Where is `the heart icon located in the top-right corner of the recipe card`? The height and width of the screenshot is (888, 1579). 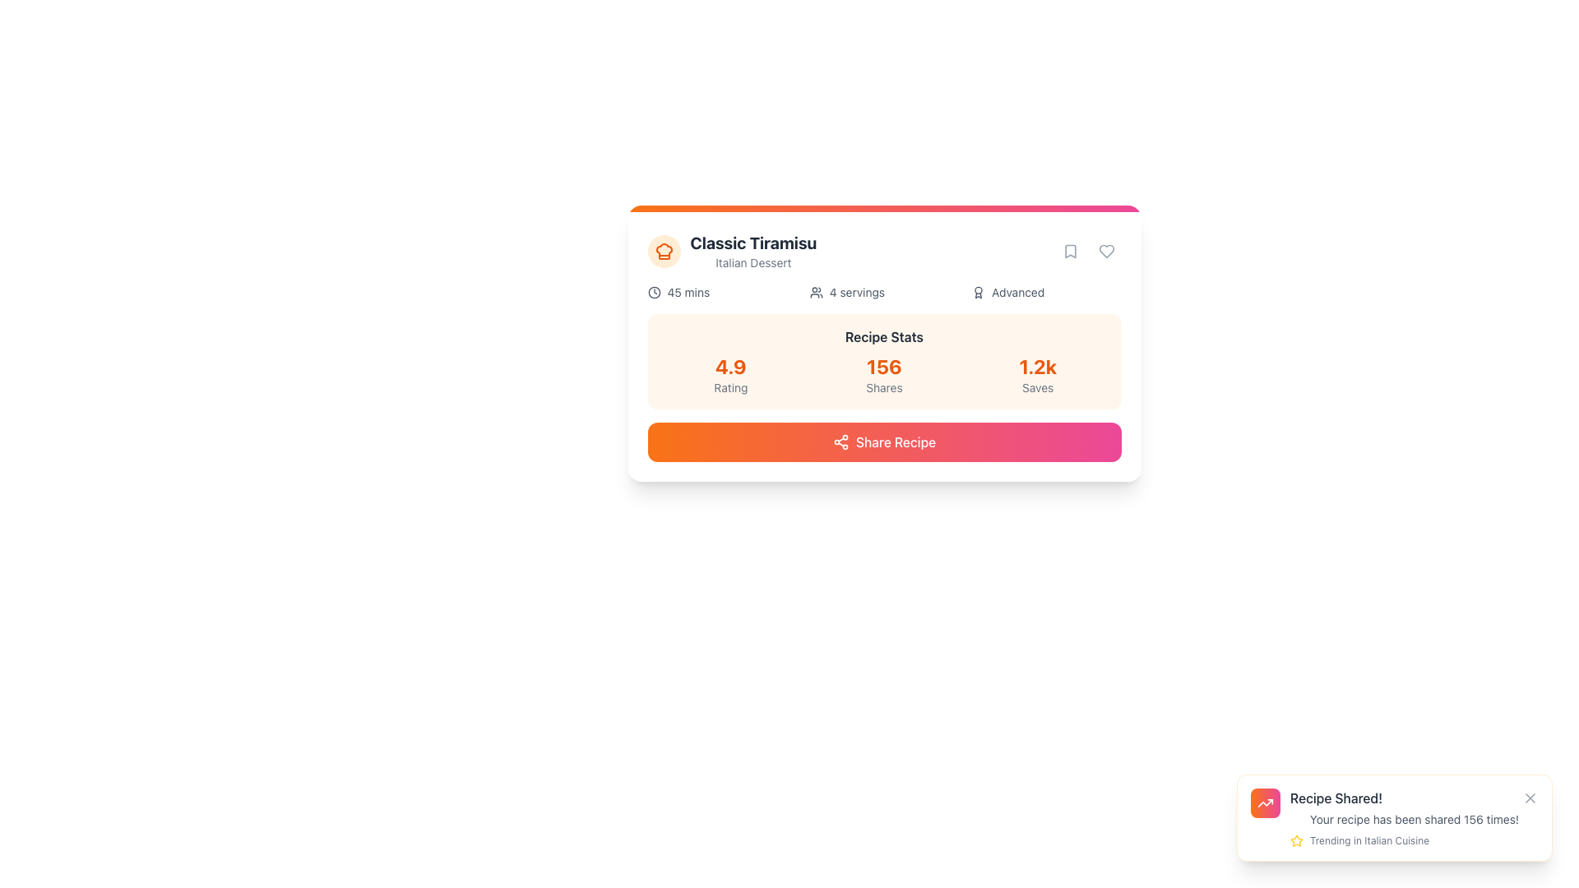 the heart icon located in the top-right corner of the recipe card is located at coordinates (1106, 251).